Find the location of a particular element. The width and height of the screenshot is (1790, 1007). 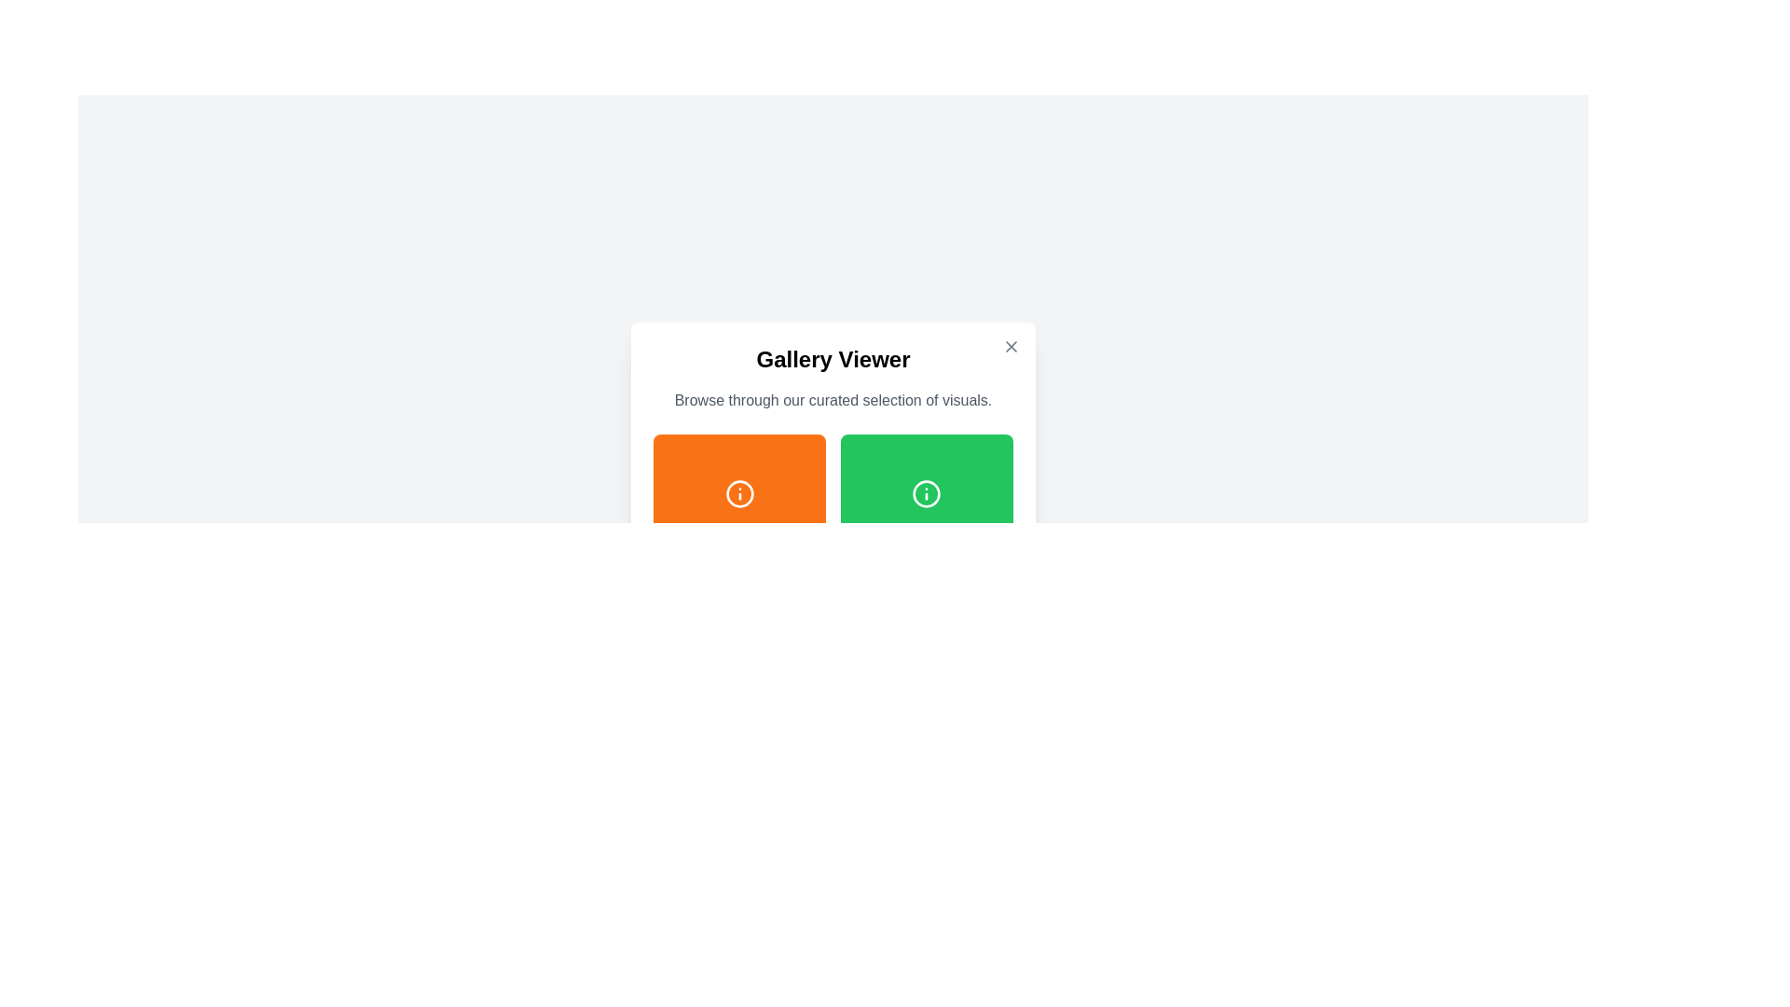

the information icon located above the text 'Sunset' and 'A beautiful sunset view.' to convey additional details about the content is located at coordinates (738, 492).